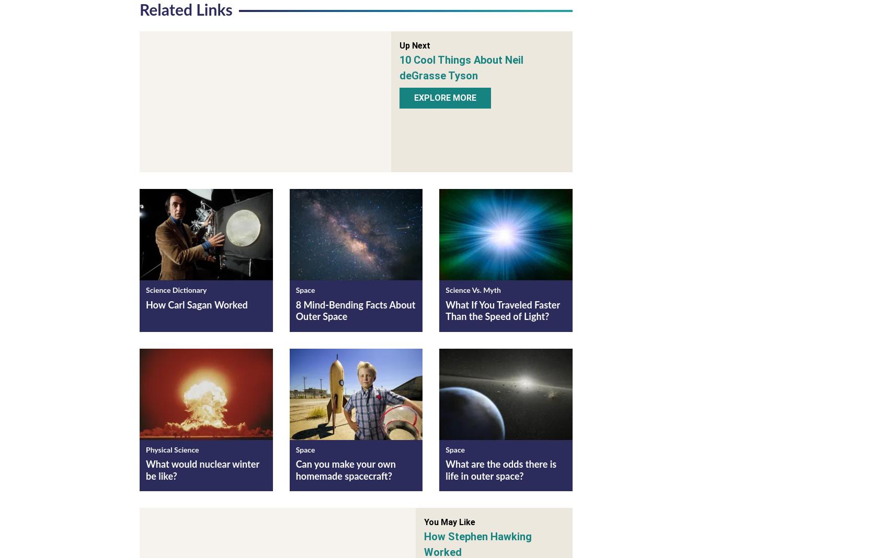 The height and width of the screenshot is (558, 890). I want to click on '8 Mind-Bending Facts About Outer Space', so click(355, 313).